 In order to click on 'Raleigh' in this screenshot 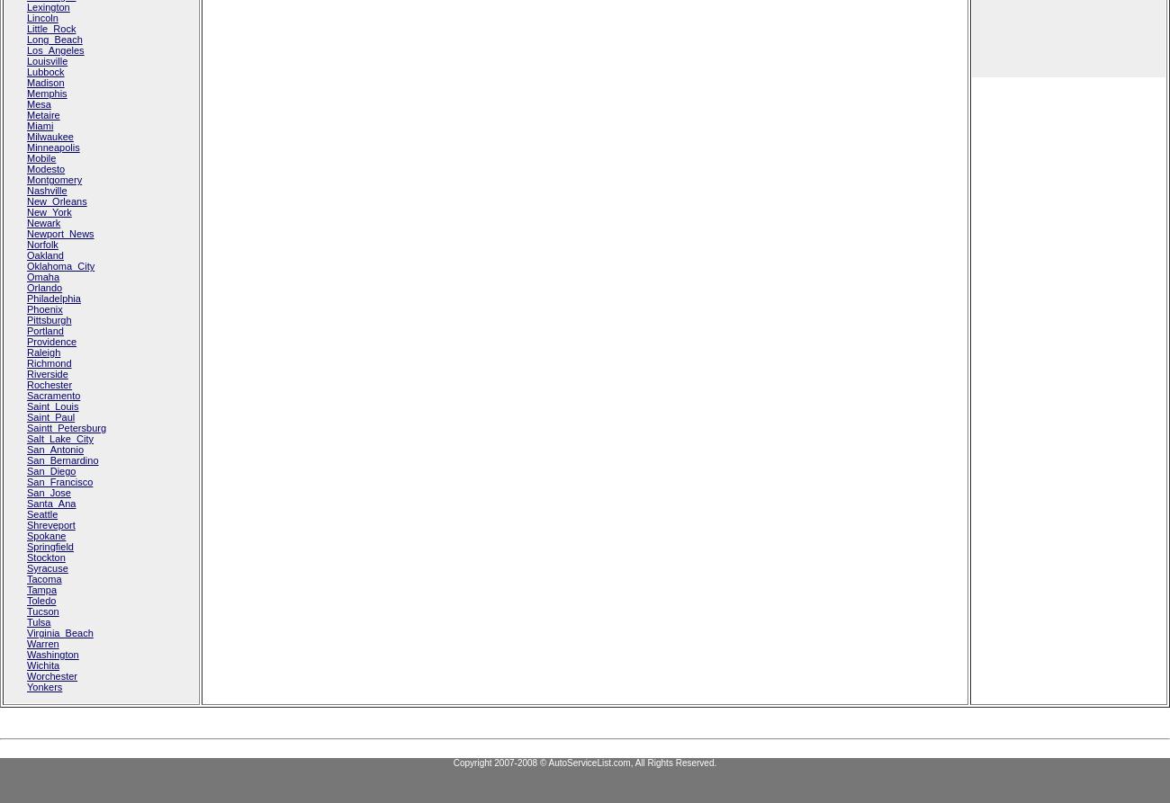, I will do `click(26, 352)`.